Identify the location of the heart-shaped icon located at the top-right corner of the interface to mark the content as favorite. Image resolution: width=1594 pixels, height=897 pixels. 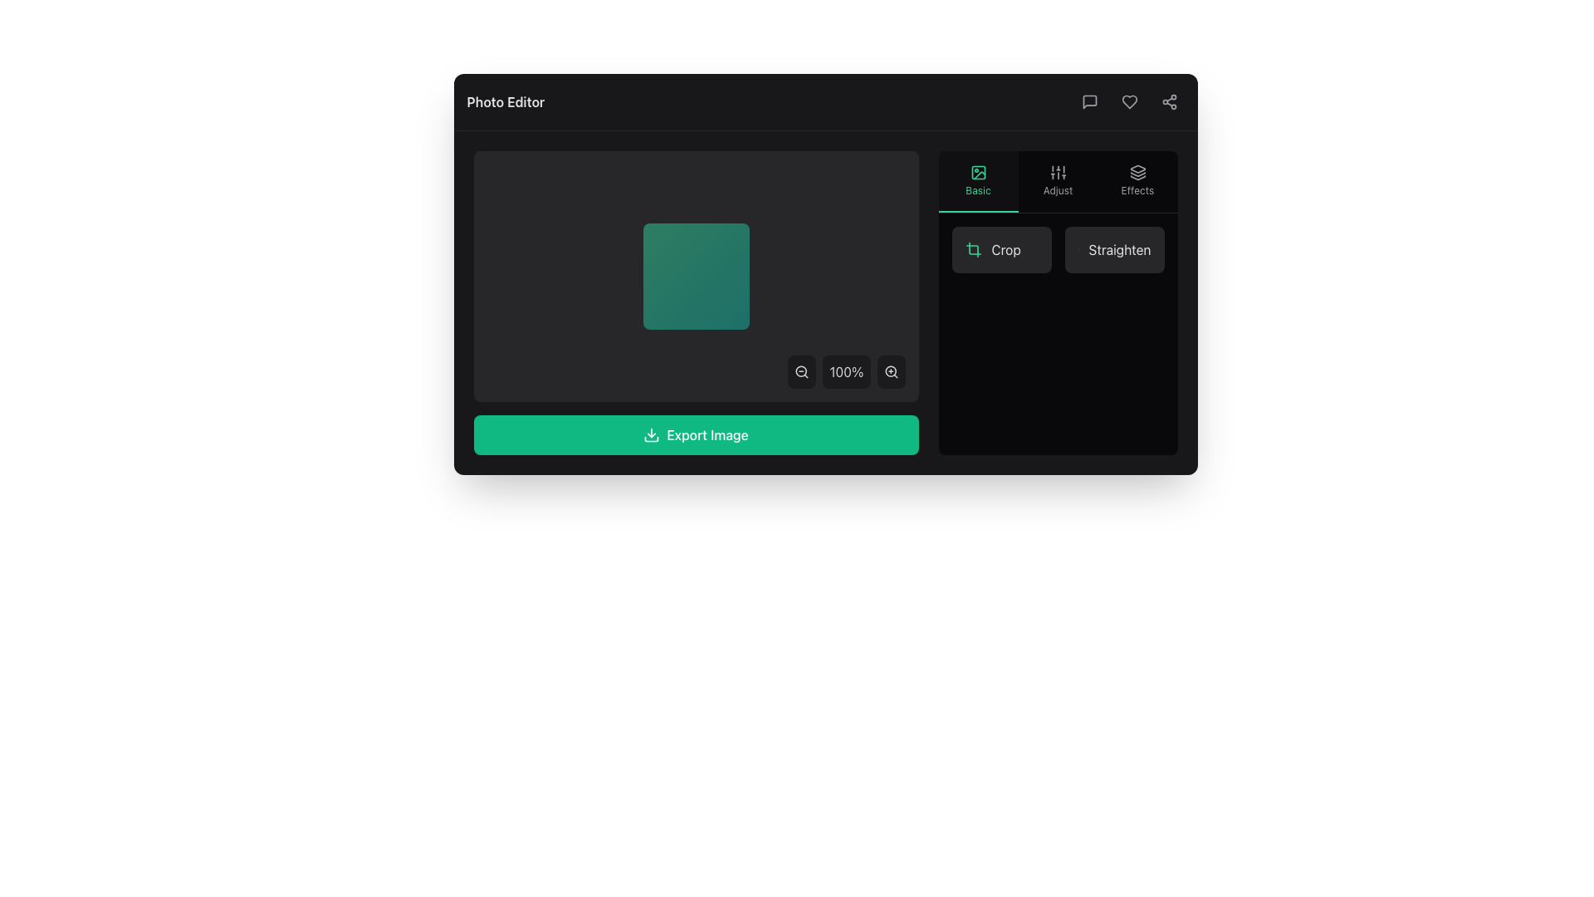
(1129, 102).